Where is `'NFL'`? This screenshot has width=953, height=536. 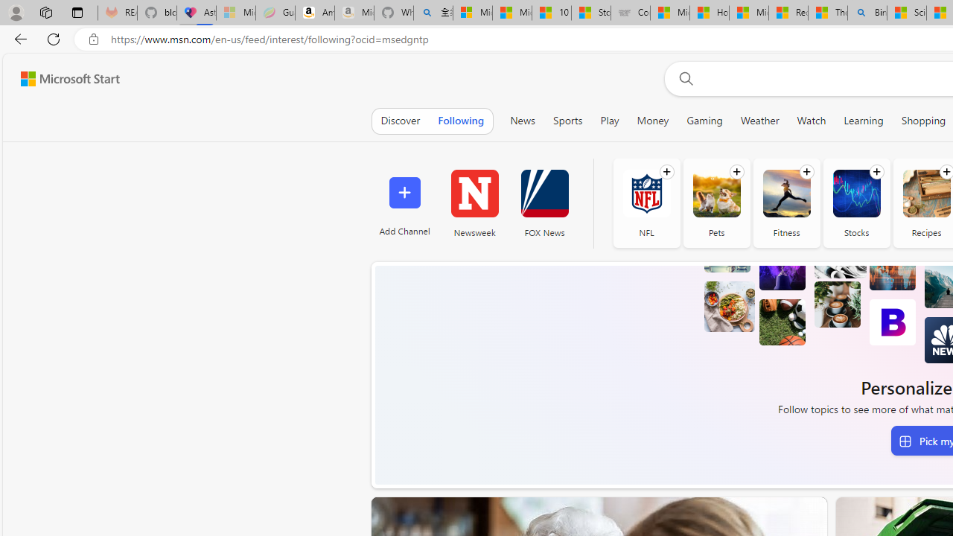 'NFL' is located at coordinates (646, 202).